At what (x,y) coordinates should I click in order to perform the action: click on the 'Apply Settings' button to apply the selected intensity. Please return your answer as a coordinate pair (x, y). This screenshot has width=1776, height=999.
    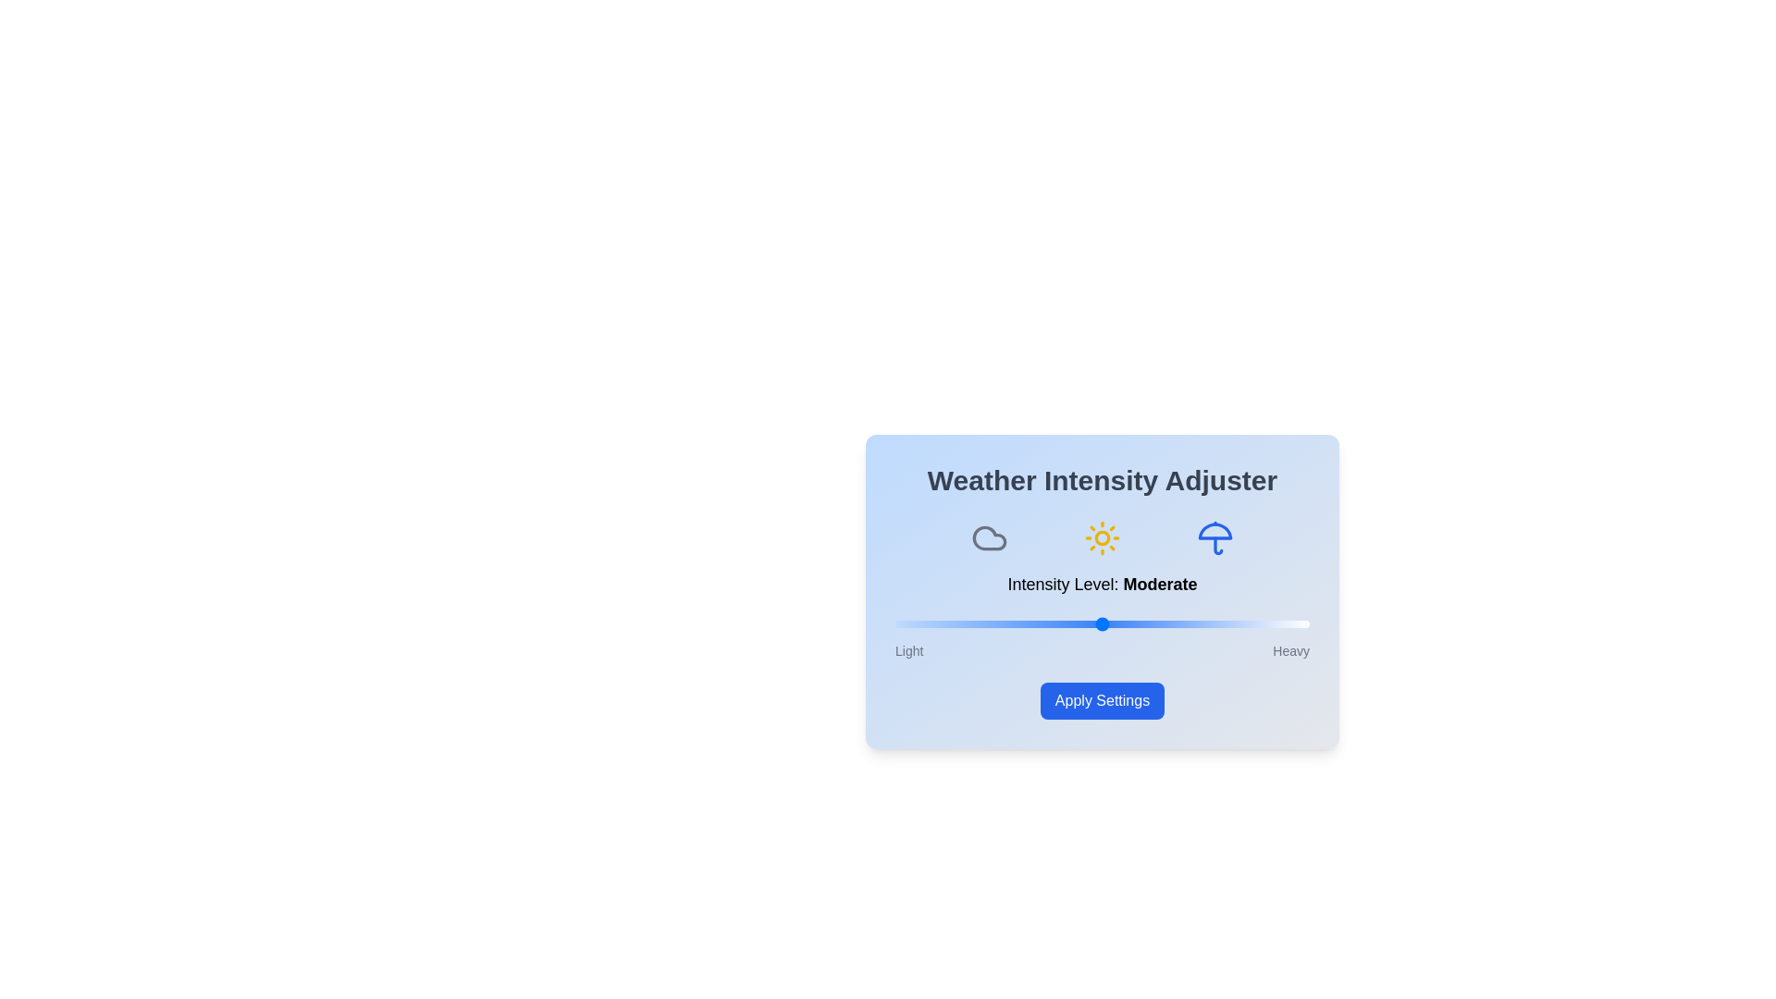
    Looking at the image, I should click on (1102, 701).